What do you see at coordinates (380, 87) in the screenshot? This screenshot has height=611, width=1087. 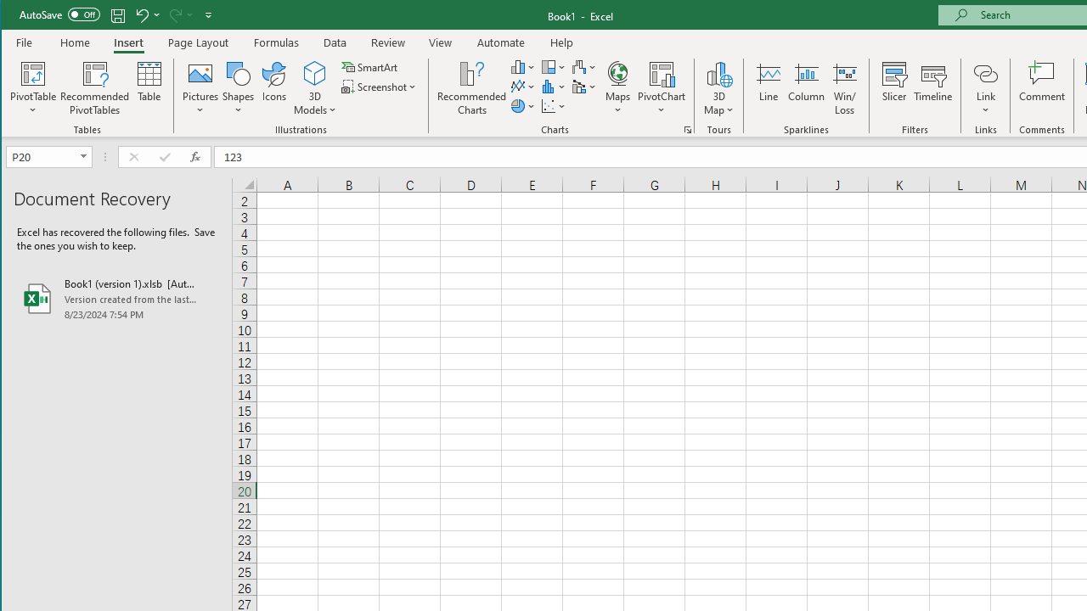 I see `'Screenshot'` at bounding box center [380, 87].